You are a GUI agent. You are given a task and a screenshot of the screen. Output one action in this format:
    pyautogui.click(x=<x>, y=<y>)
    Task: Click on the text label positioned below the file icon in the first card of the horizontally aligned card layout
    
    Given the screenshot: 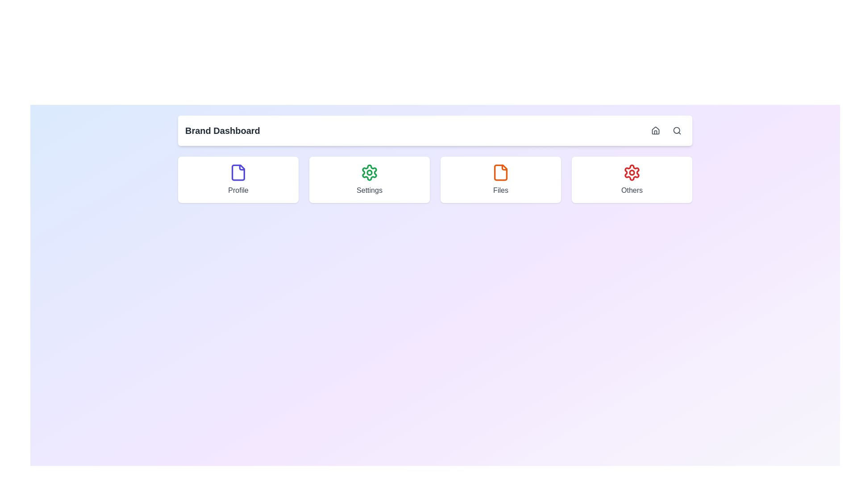 What is the action you would take?
    pyautogui.click(x=238, y=190)
    